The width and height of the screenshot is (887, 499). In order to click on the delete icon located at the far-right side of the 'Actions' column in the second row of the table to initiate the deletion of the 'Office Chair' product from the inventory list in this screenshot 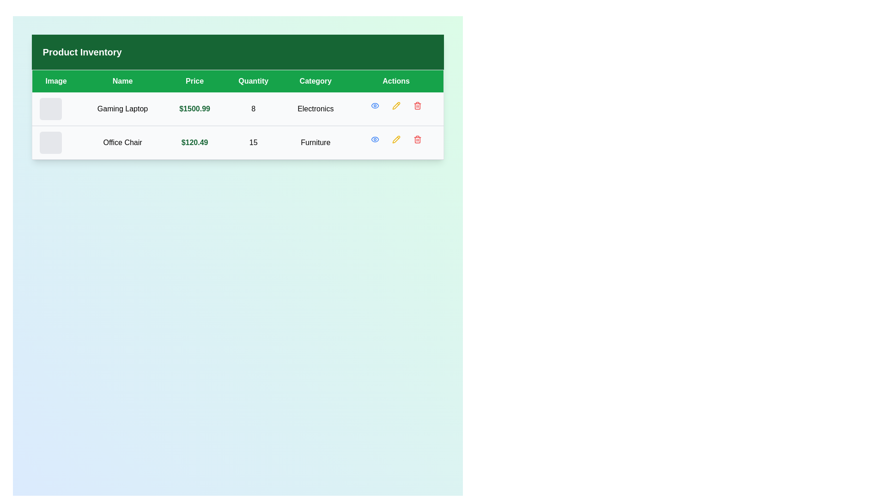, I will do `click(417, 139)`.